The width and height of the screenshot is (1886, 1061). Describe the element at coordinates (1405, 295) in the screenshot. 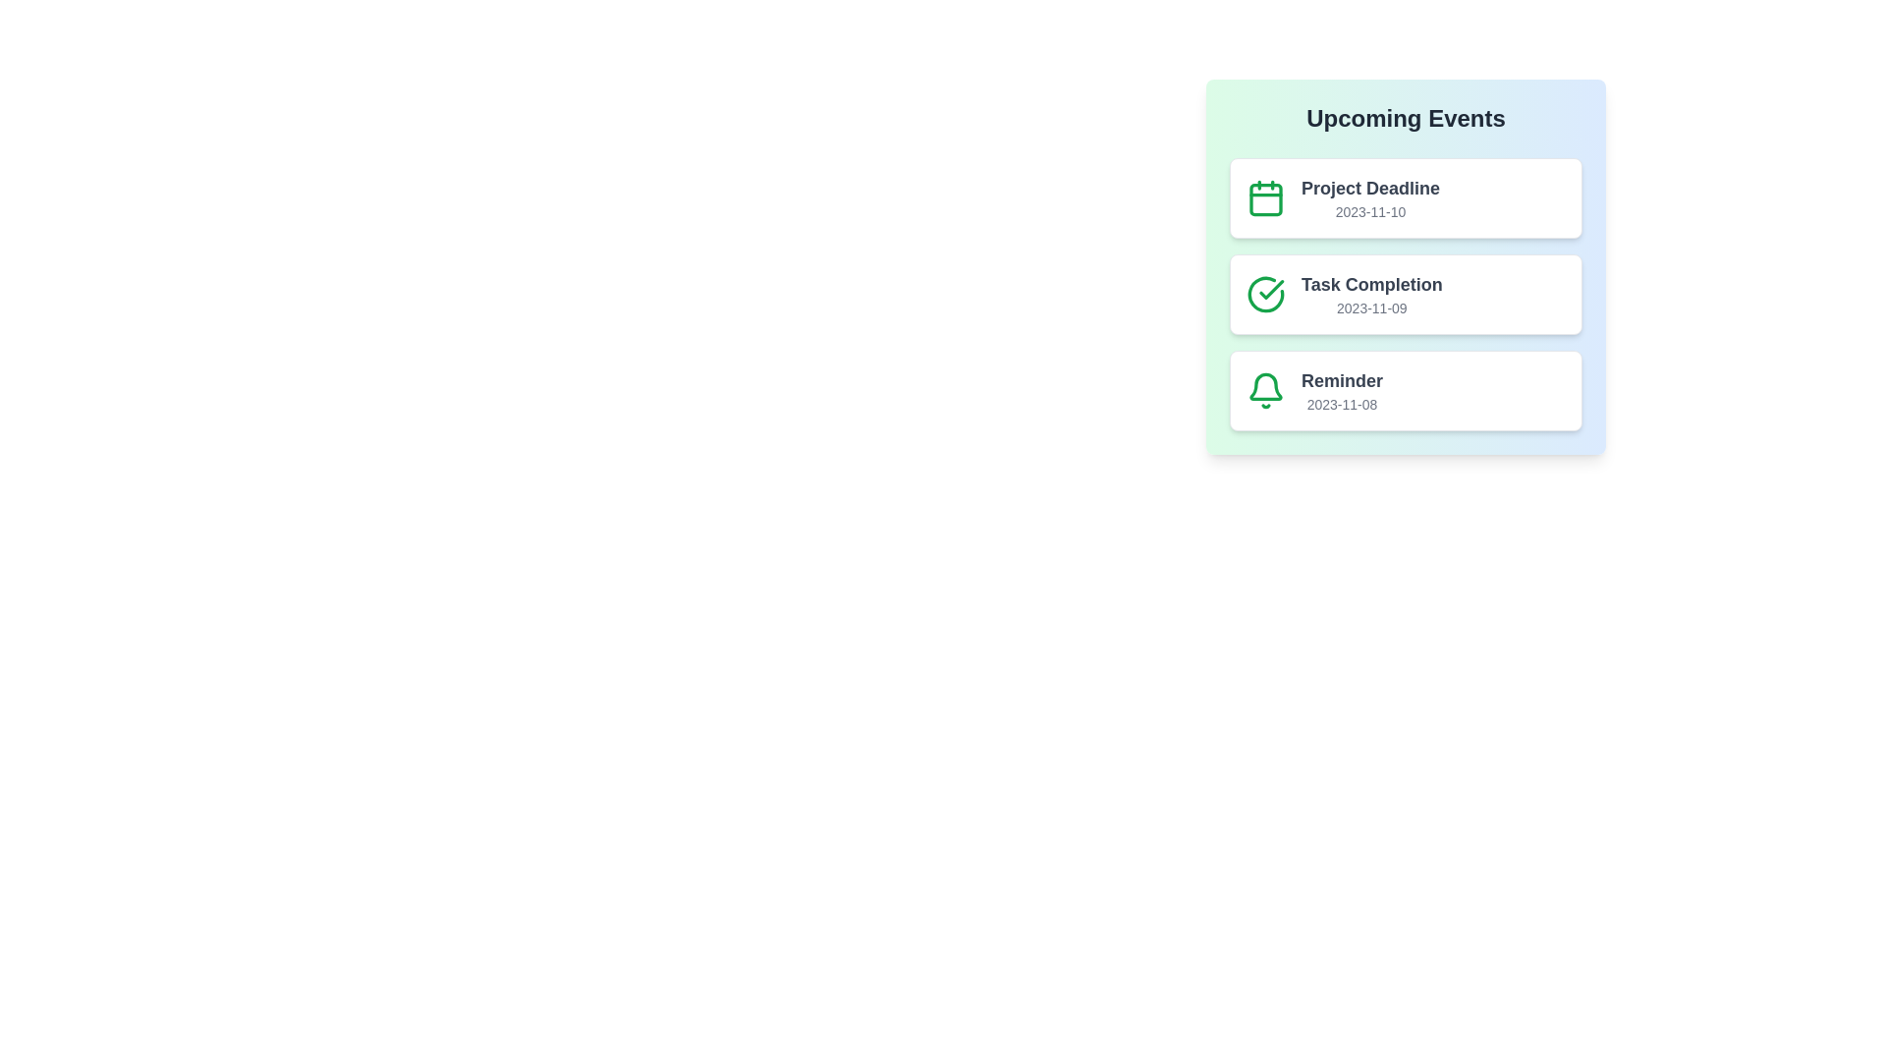

I see `the list item corresponding to Task Completion to observe its hover effect` at that location.